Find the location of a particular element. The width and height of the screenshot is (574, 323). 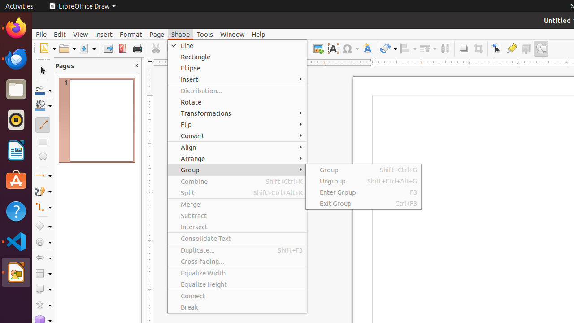

'Arrange' is located at coordinates (237, 158).